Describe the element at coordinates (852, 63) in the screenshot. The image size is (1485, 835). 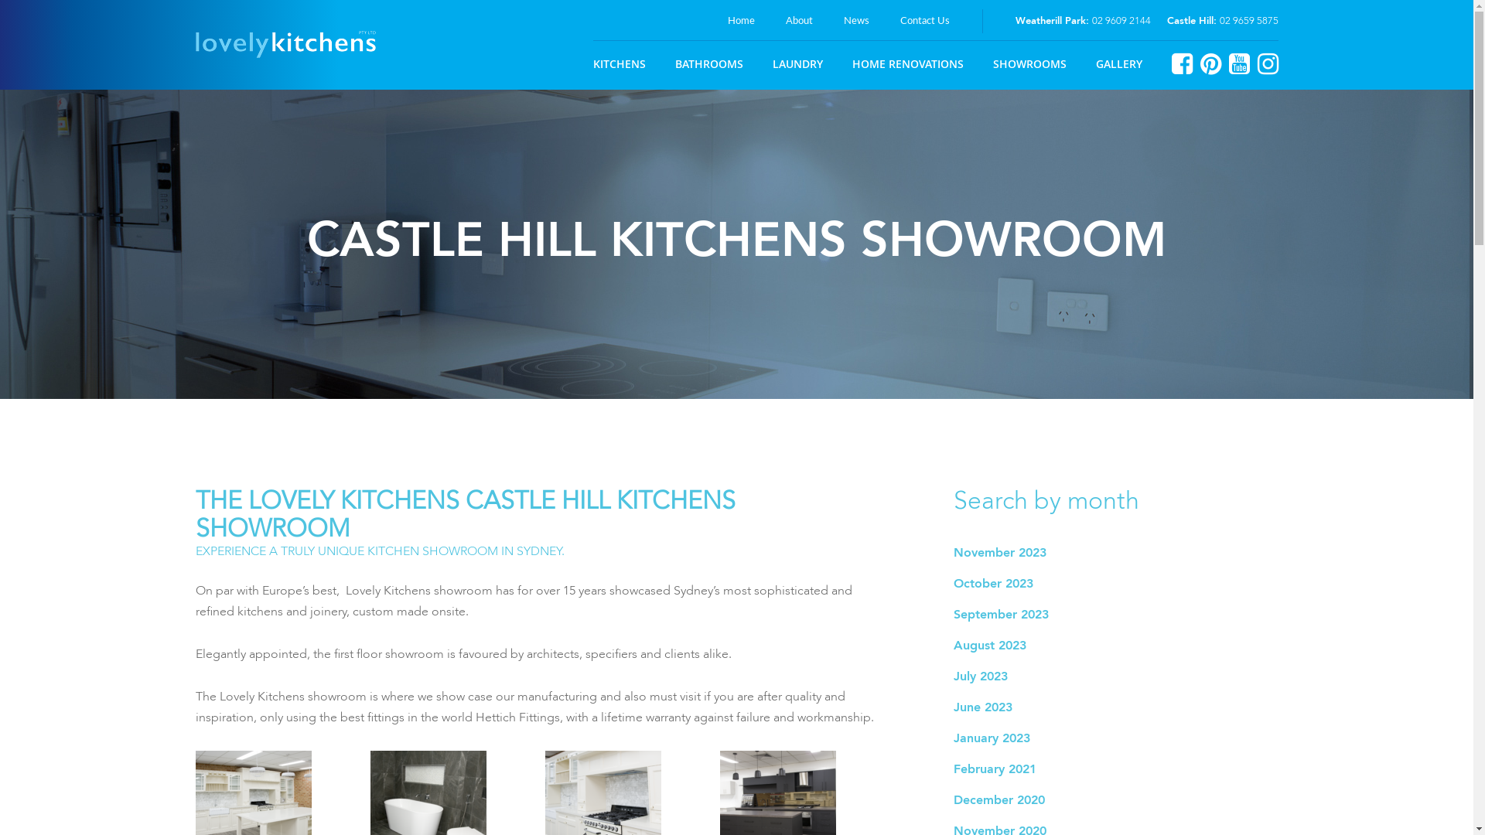
I see `'HOME RENOVATIONS'` at that location.